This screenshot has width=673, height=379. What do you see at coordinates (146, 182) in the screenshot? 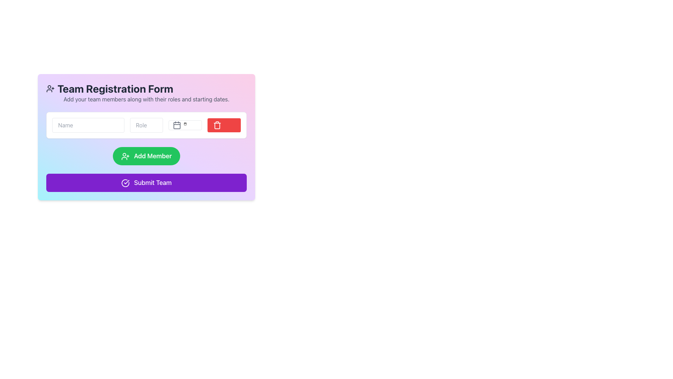
I see `the 'Submit Team' button with a vibrant purple background` at bounding box center [146, 182].